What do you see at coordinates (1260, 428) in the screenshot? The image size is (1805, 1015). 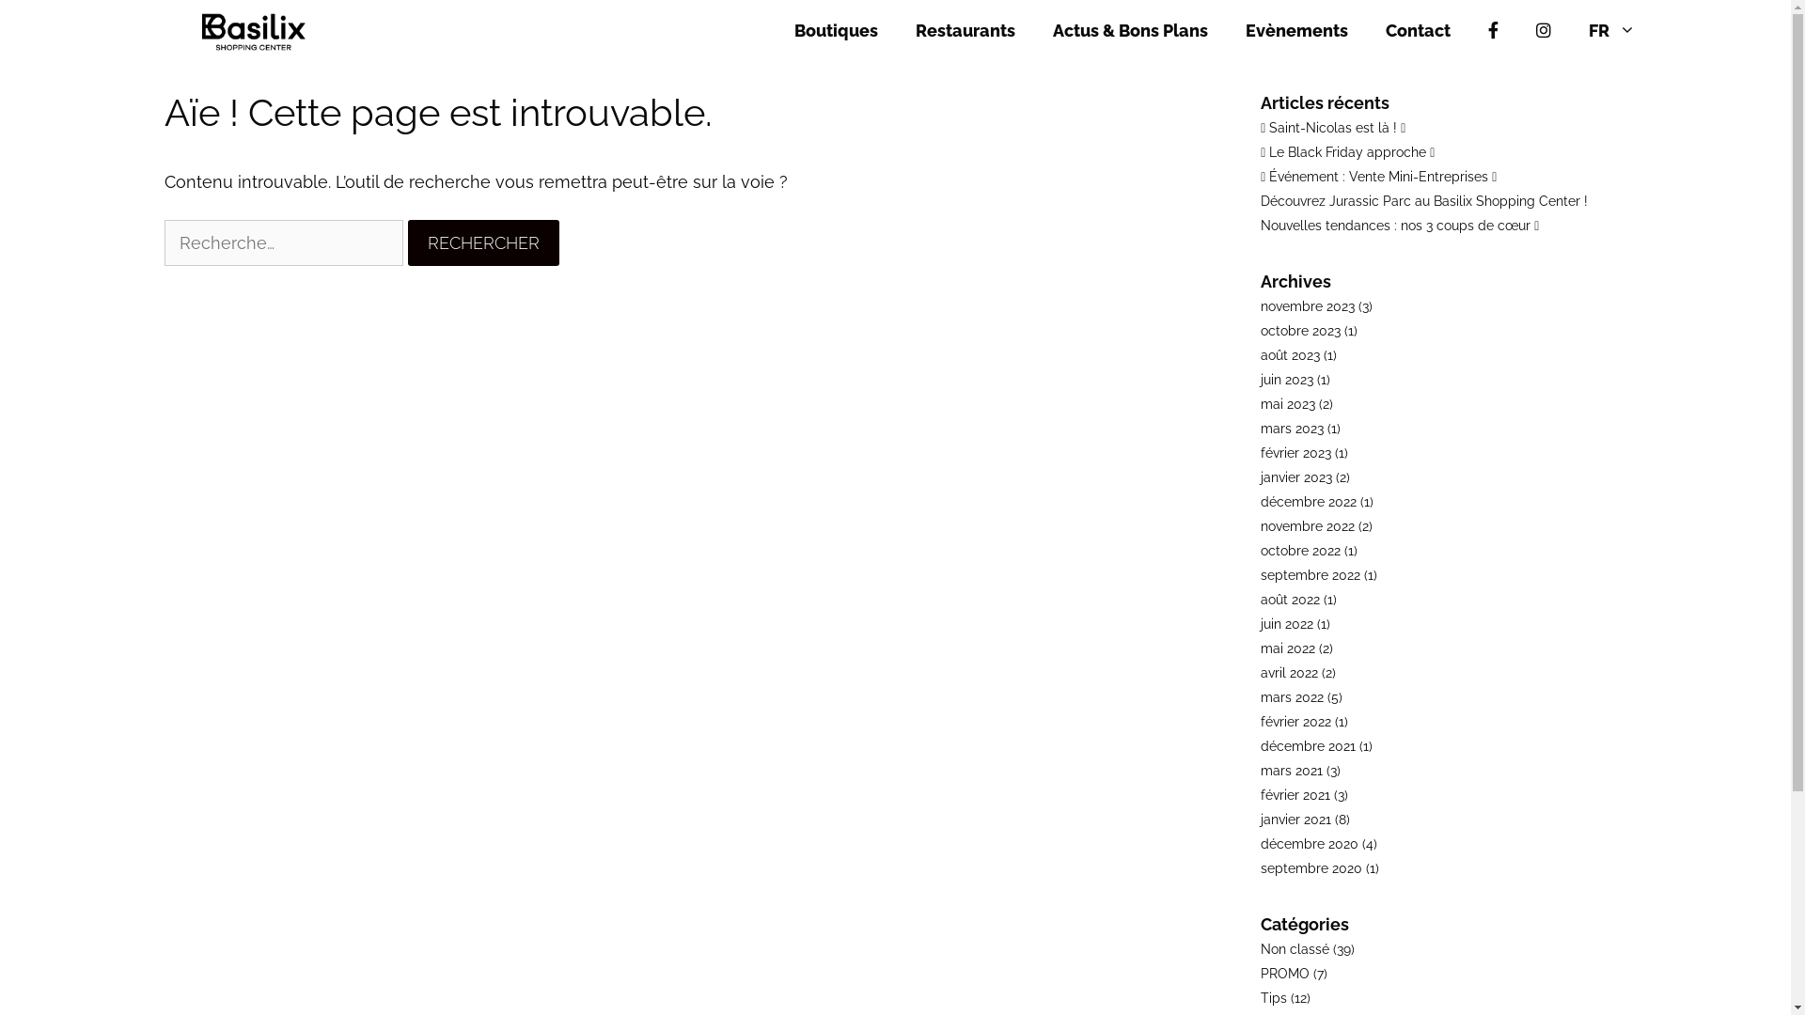 I see `'mars 2023'` at bounding box center [1260, 428].